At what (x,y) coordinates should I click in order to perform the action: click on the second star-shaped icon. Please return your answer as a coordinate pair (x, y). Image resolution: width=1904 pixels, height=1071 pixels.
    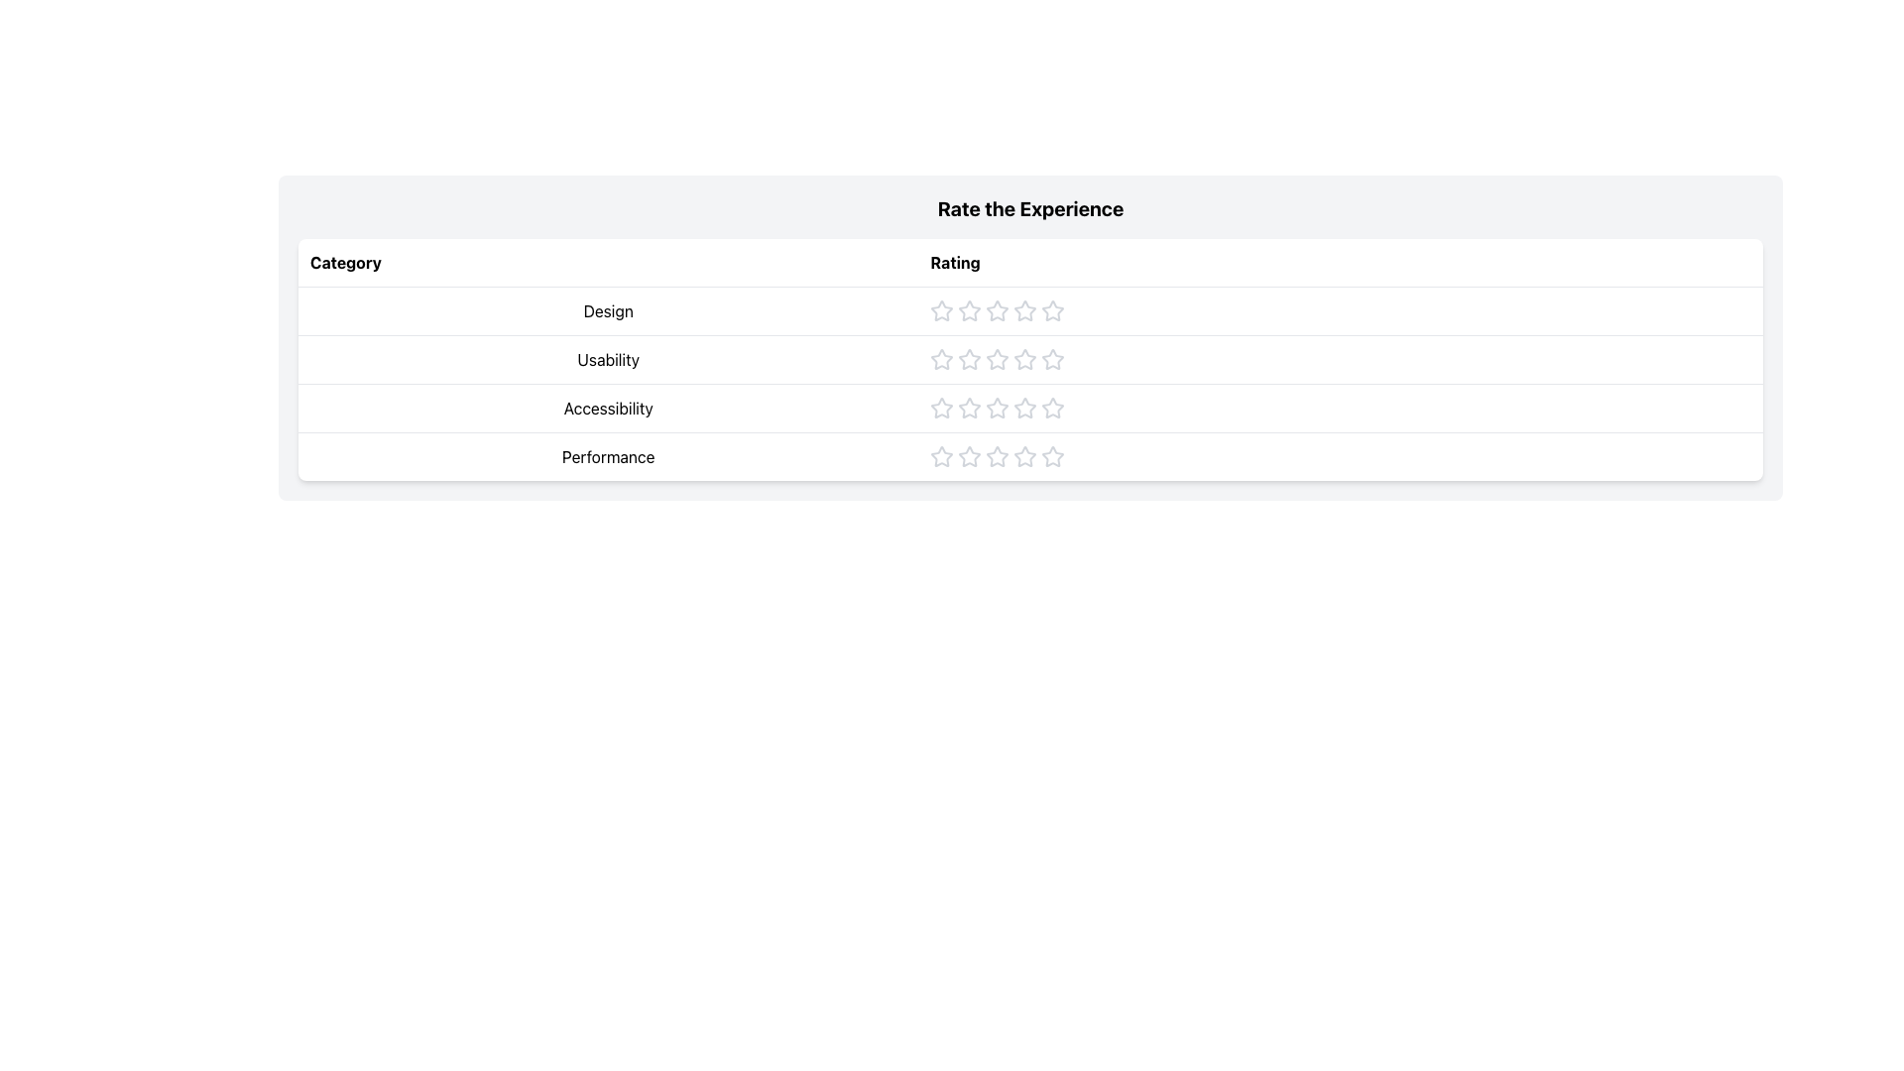
    Looking at the image, I should click on (970, 359).